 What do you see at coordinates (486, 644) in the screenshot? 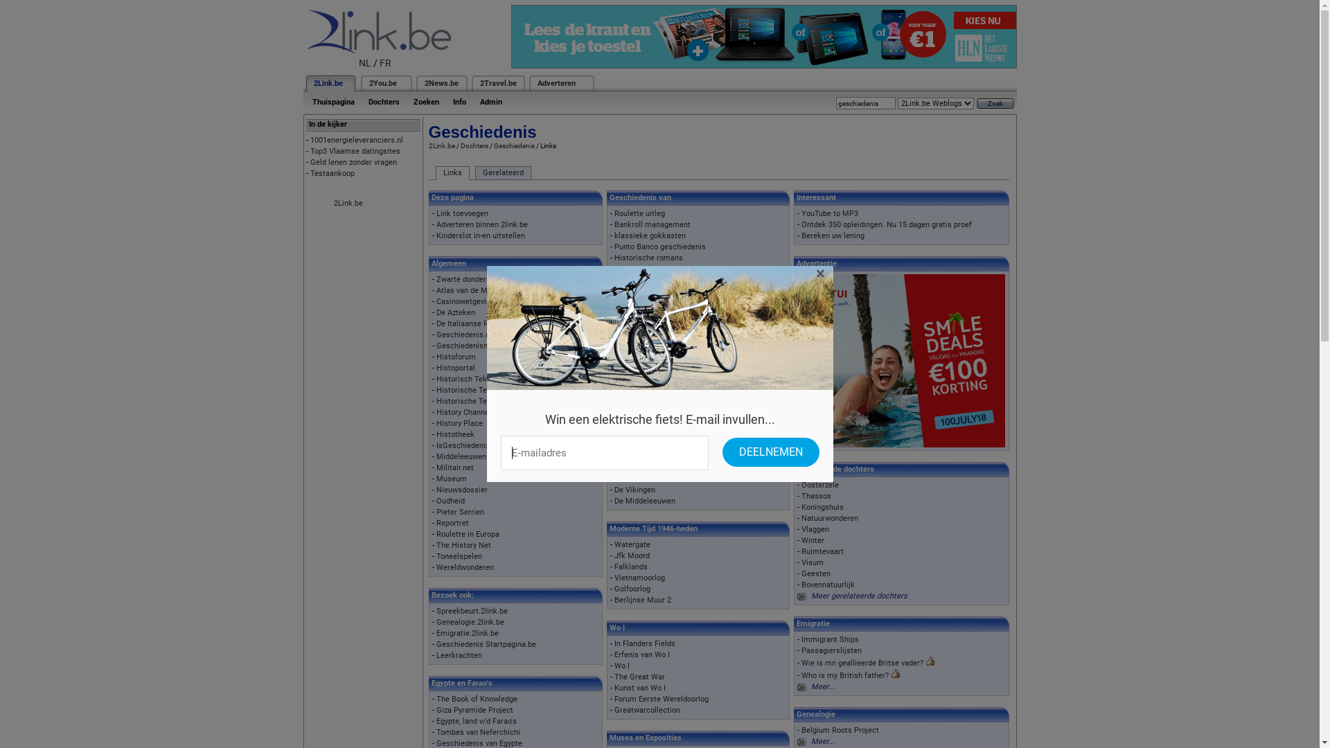
I see `'Geschiedenis Startpagina.be'` at bounding box center [486, 644].